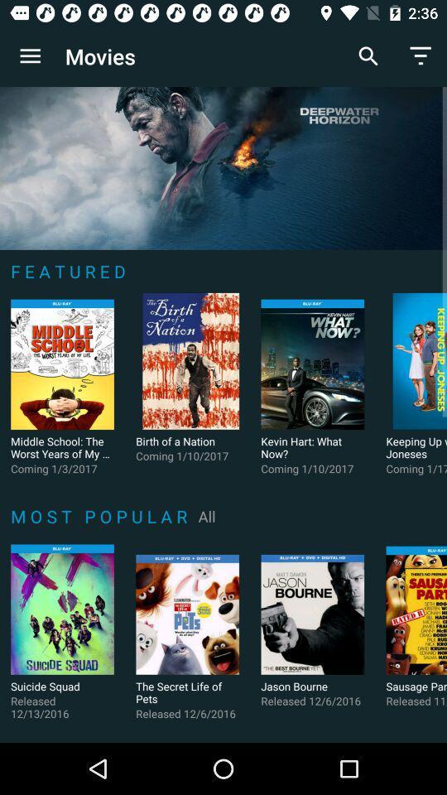 The width and height of the screenshot is (447, 795). Describe the element at coordinates (102, 515) in the screenshot. I see `the icon to the left of all icon` at that location.